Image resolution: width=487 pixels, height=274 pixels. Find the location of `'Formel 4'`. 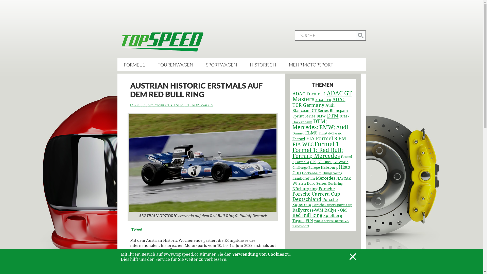

'Formel 4' is located at coordinates (302, 162).